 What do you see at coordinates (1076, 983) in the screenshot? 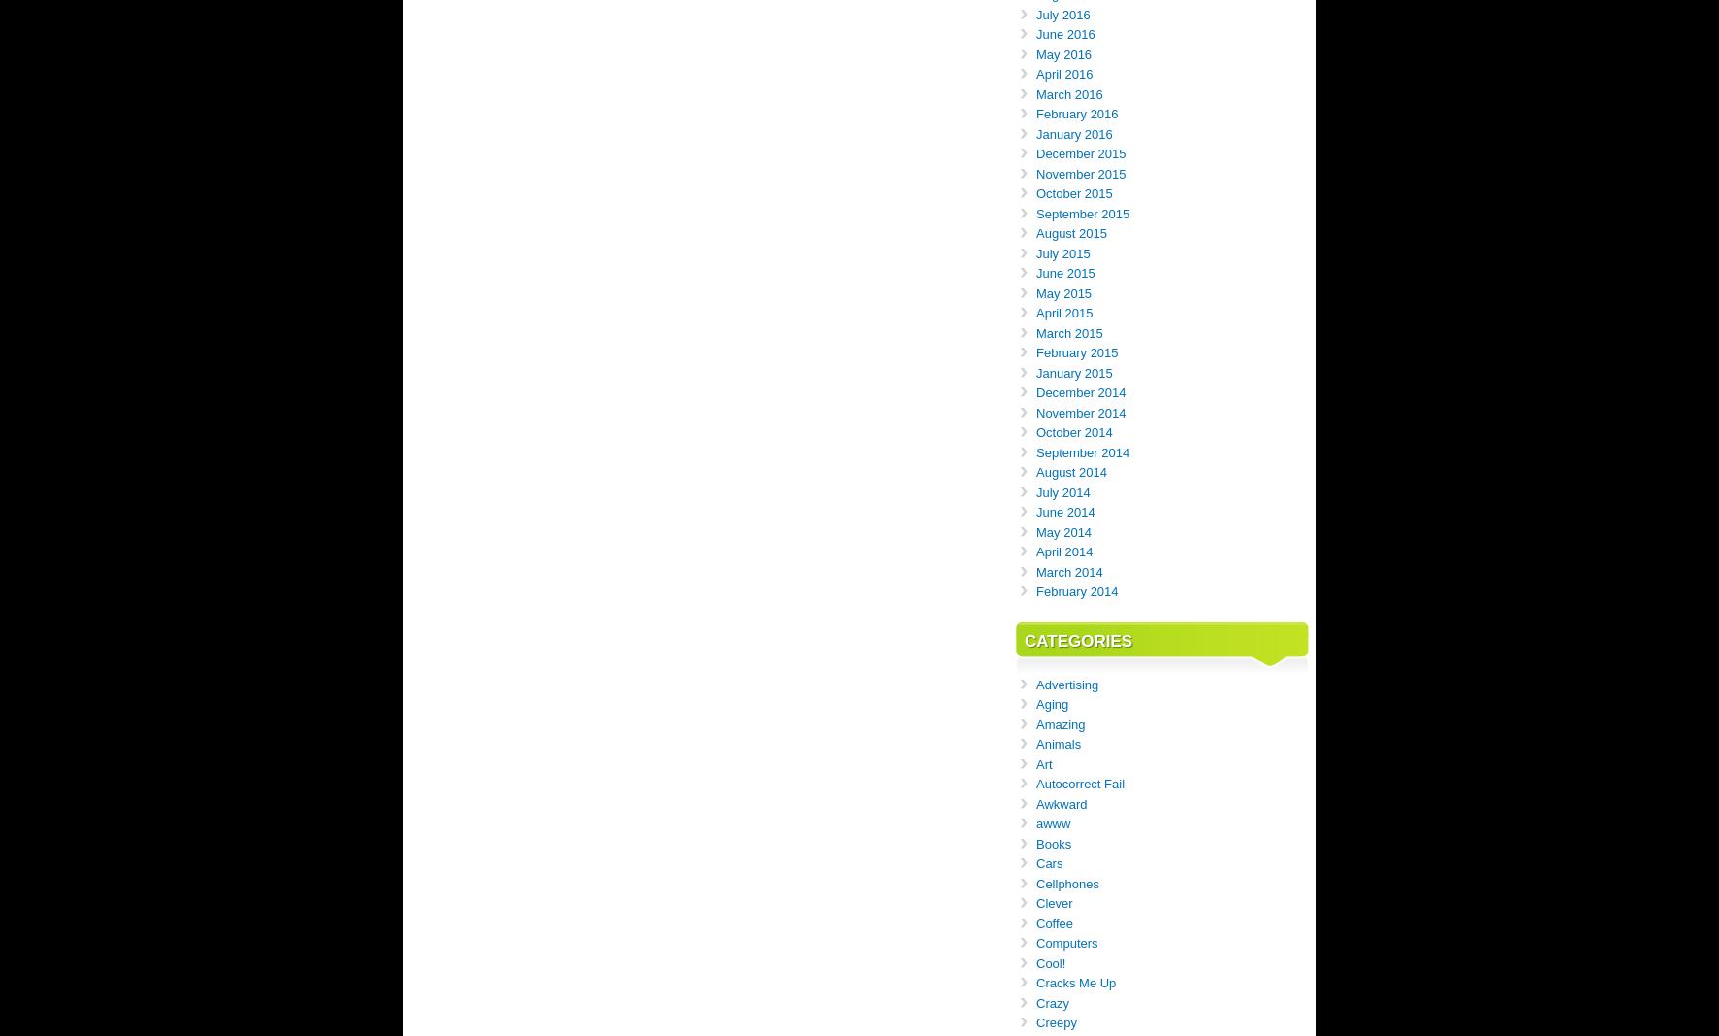
I see `'Cracks Me Up'` at bounding box center [1076, 983].